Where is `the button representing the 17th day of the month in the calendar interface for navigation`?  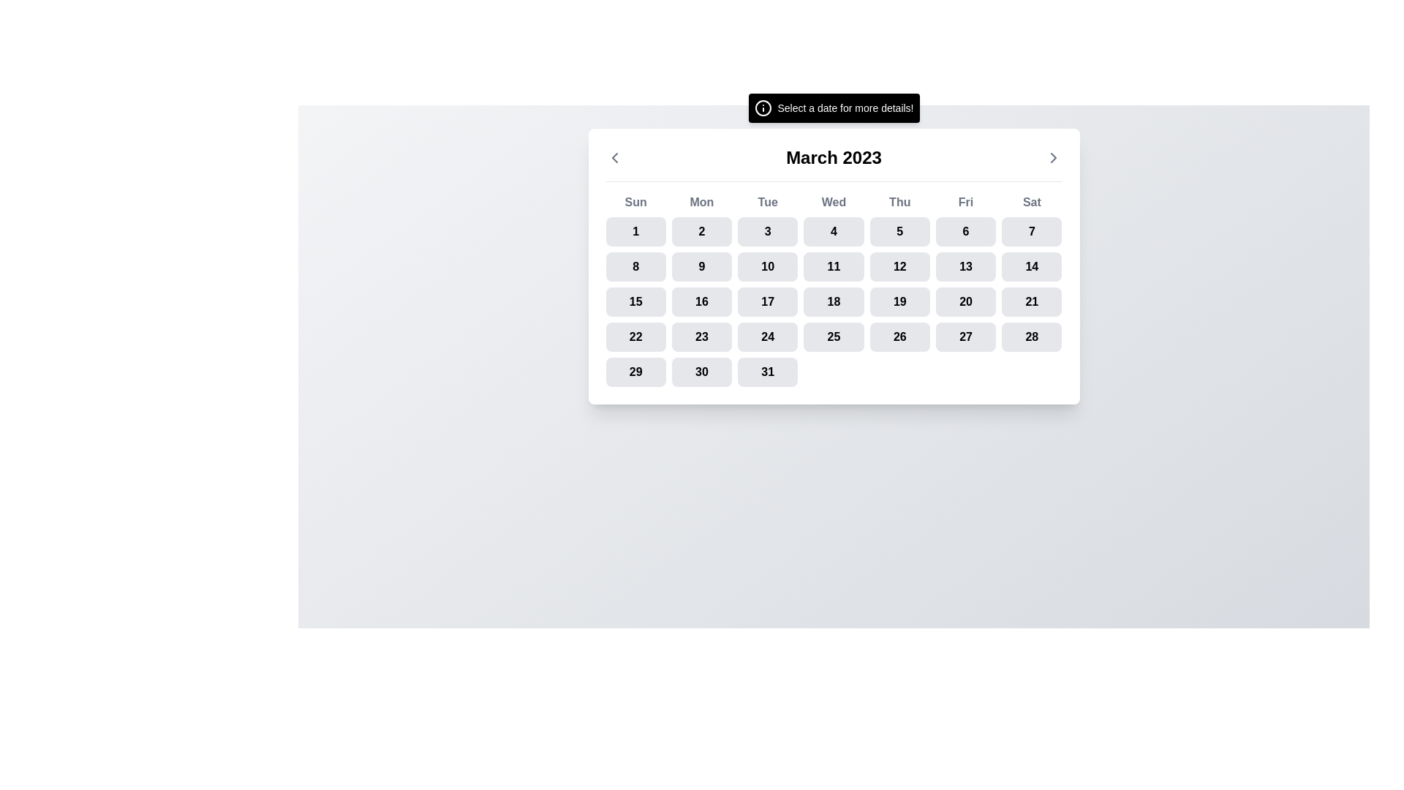 the button representing the 17th day of the month in the calendar interface for navigation is located at coordinates (767, 301).